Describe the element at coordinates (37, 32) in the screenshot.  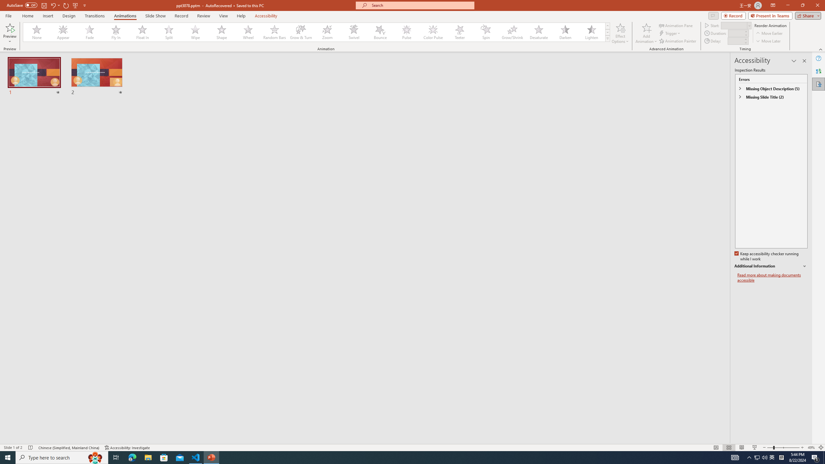
I see `'None'` at that location.